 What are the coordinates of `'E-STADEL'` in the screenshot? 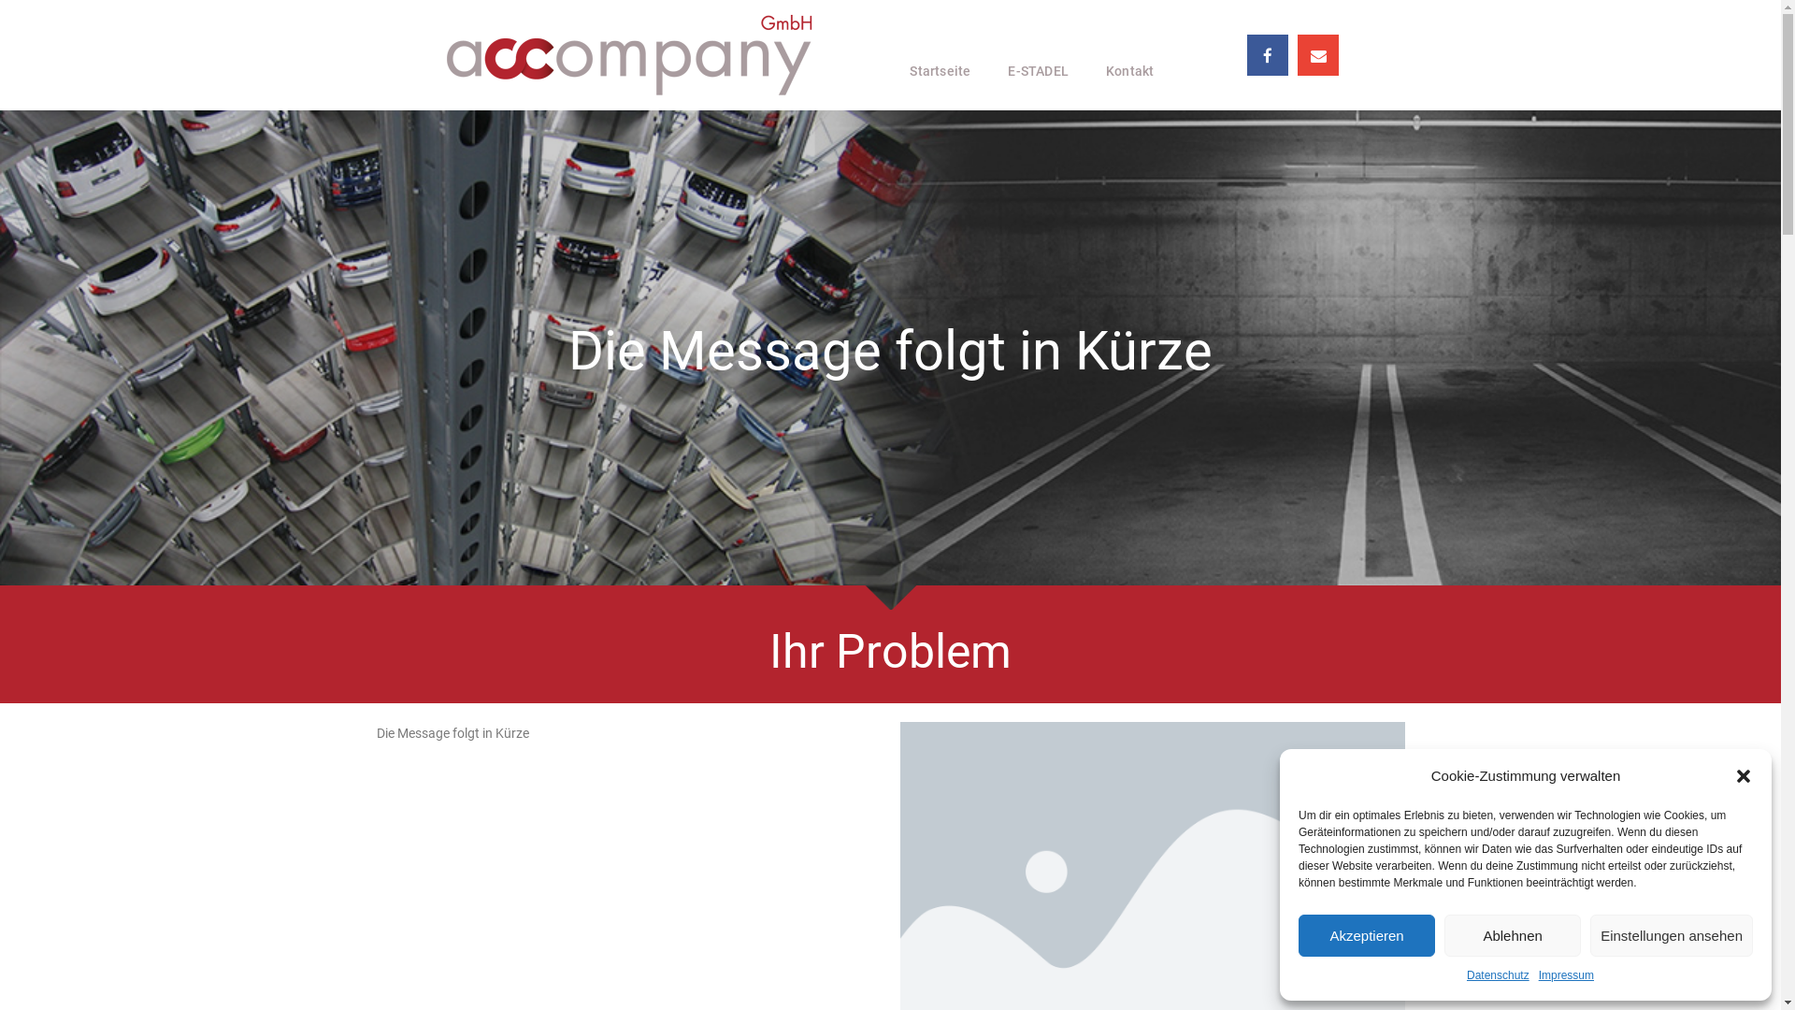 It's located at (1037, 70).